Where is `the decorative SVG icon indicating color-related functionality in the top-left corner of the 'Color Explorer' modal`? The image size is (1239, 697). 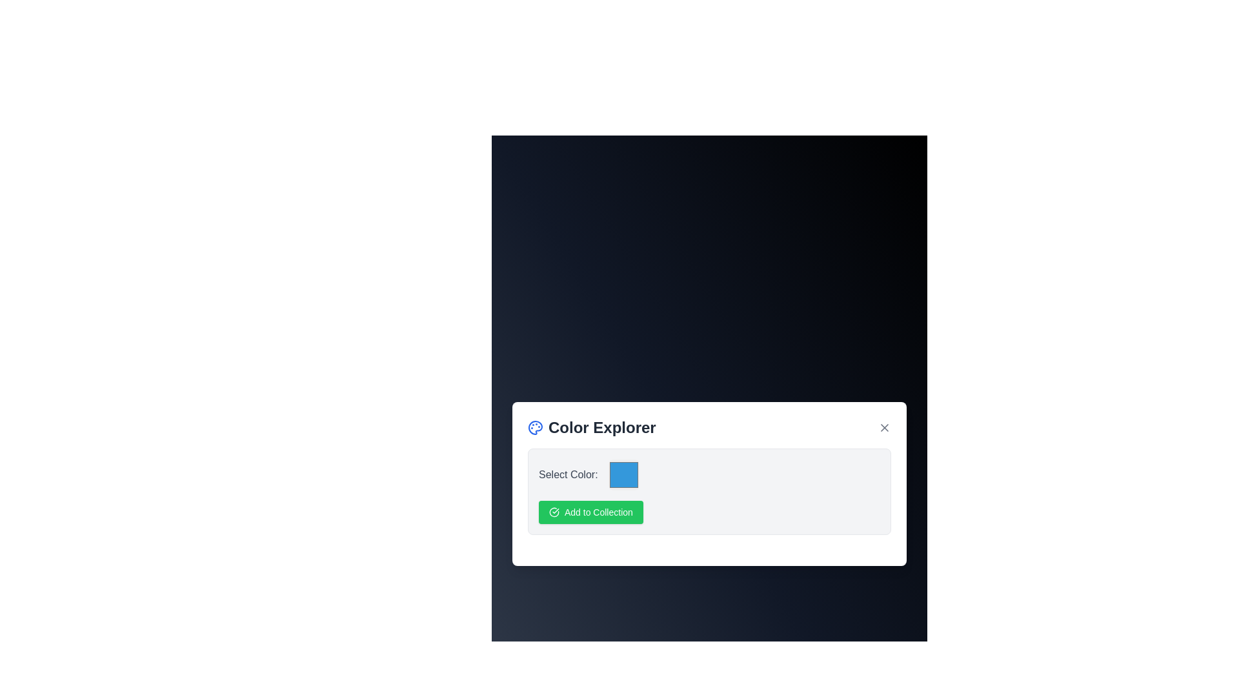 the decorative SVG icon indicating color-related functionality in the top-left corner of the 'Color Explorer' modal is located at coordinates (536, 428).